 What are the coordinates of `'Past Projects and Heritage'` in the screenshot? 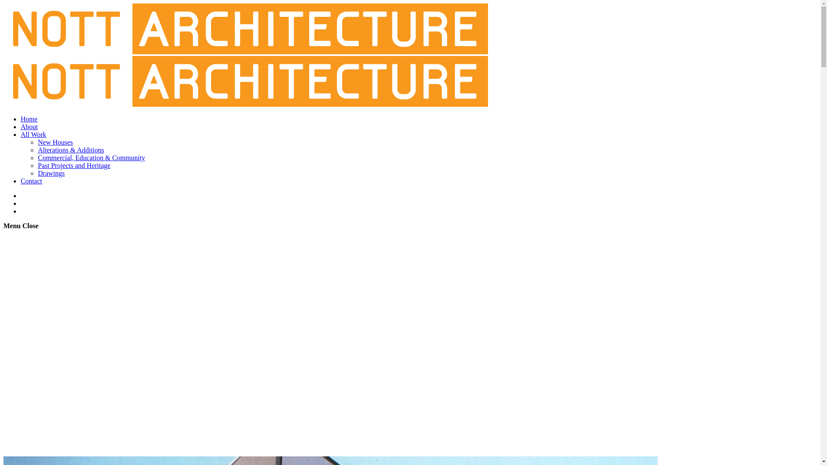 It's located at (37, 165).